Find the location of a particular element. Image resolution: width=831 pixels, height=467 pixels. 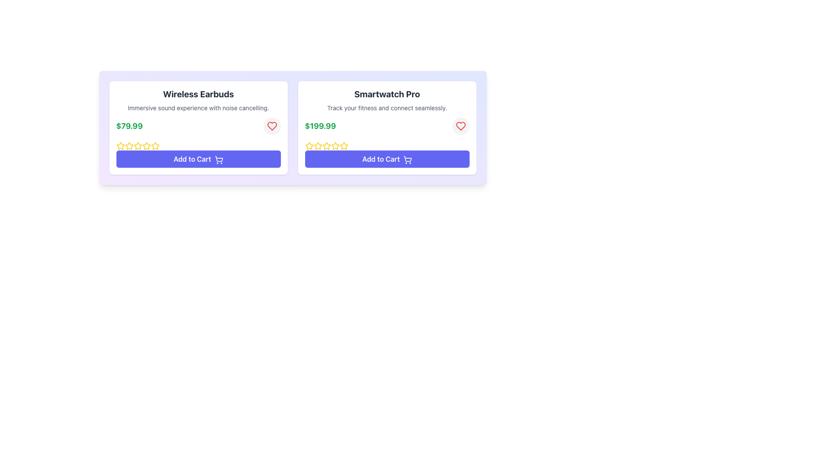

the second star in the five-star rating system for 'Smartwatch Pro' is located at coordinates (326, 145).